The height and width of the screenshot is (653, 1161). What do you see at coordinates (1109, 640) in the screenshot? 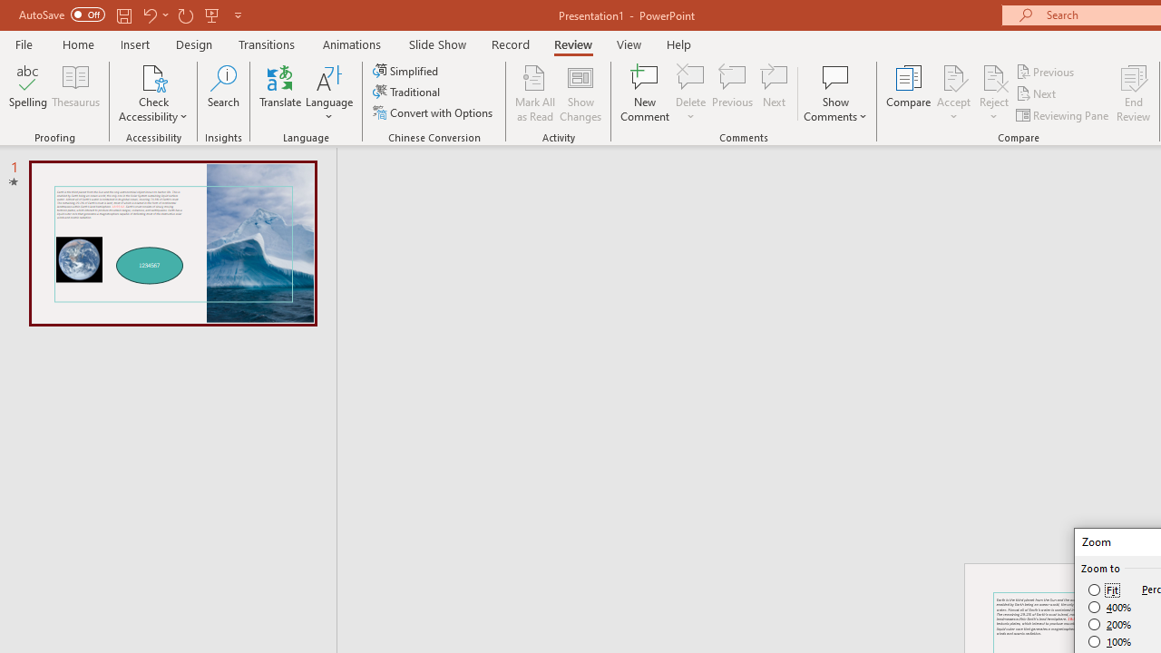
I see `'100%'` at bounding box center [1109, 640].